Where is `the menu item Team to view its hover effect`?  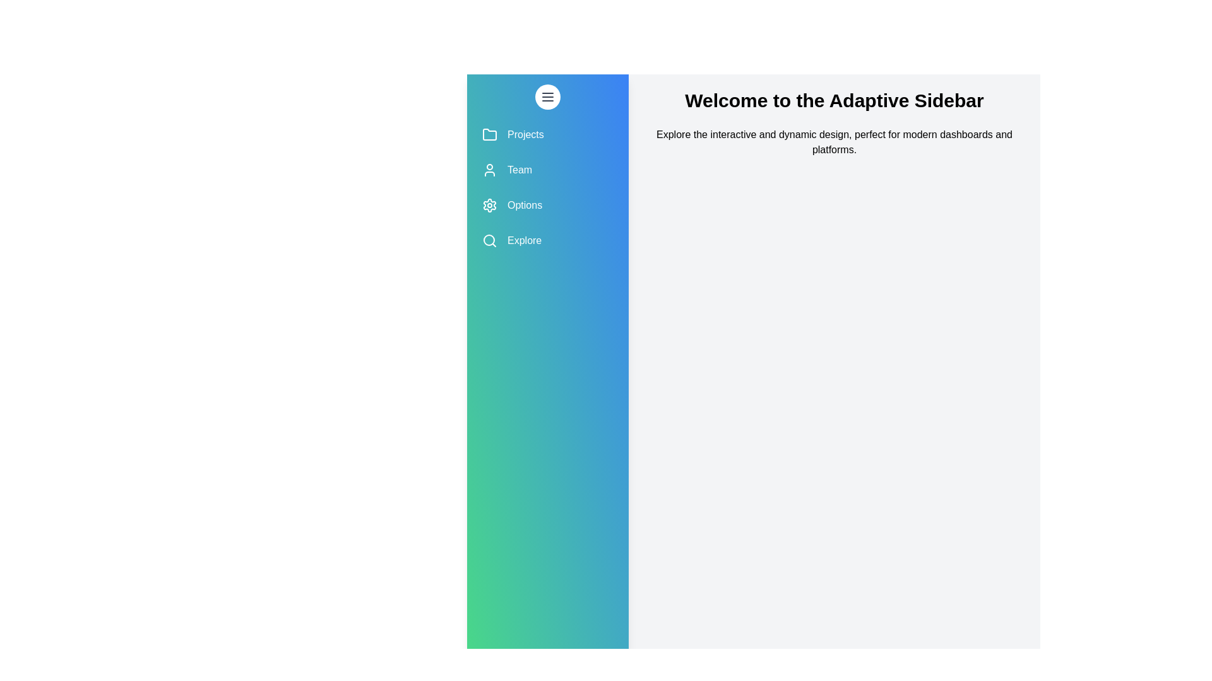 the menu item Team to view its hover effect is located at coordinates (548, 170).